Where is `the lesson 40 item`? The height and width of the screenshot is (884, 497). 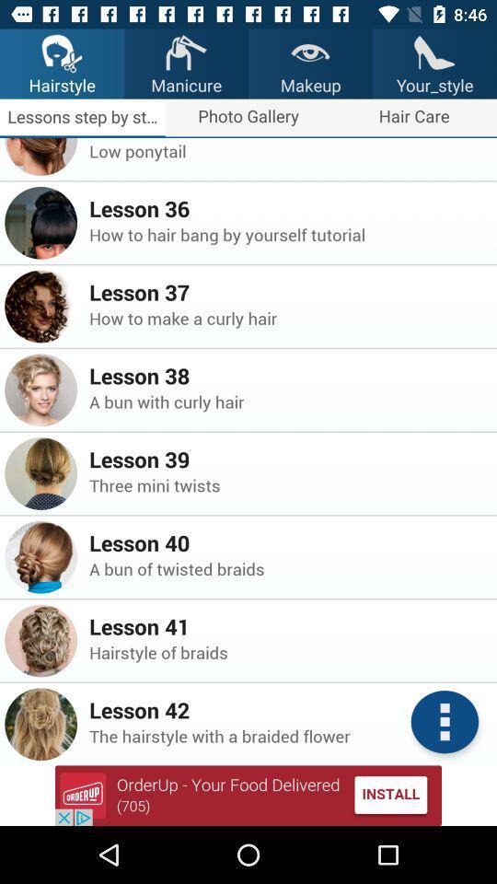 the lesson 40 item is located at coordinates (287, 542).